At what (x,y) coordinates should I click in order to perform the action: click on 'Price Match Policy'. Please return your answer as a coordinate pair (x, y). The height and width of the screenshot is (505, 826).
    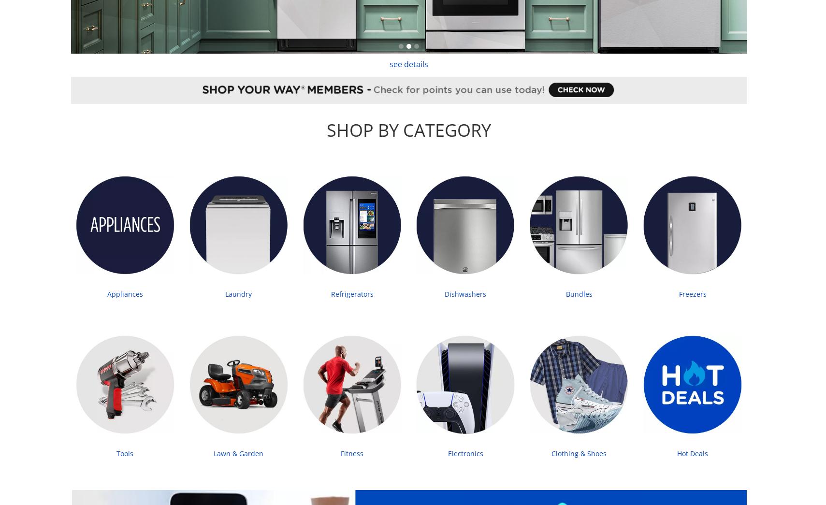
    Looking at the image, I should click on (176, 337).